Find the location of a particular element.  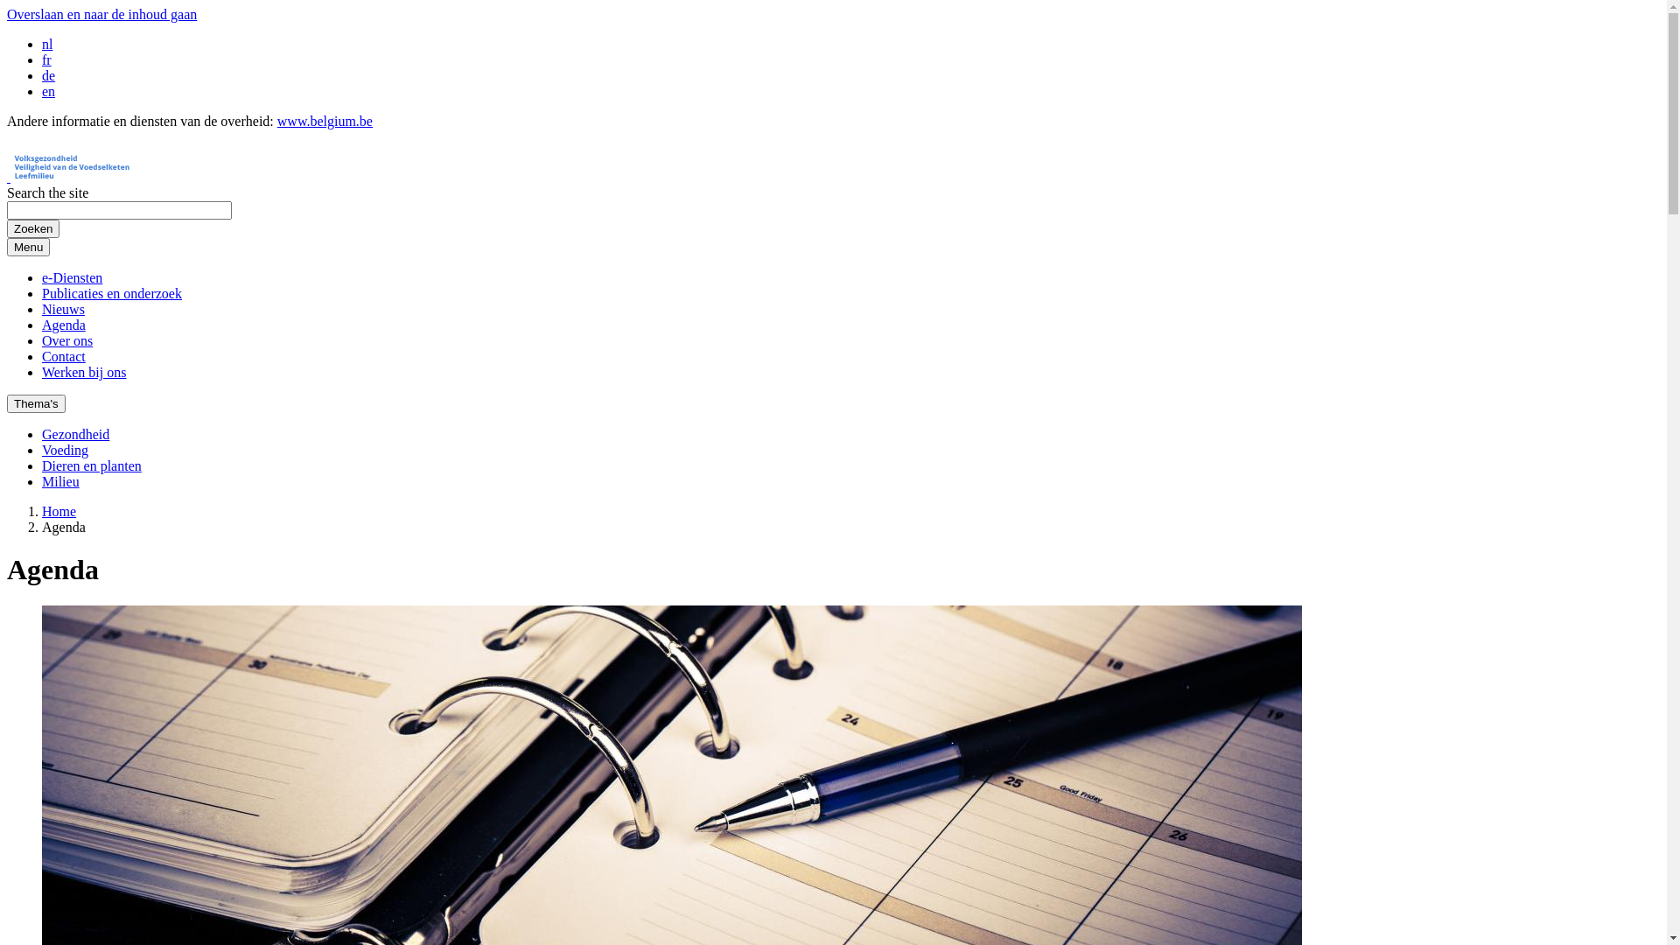

'Dieren en planten' is located at coordinates (42, 465).